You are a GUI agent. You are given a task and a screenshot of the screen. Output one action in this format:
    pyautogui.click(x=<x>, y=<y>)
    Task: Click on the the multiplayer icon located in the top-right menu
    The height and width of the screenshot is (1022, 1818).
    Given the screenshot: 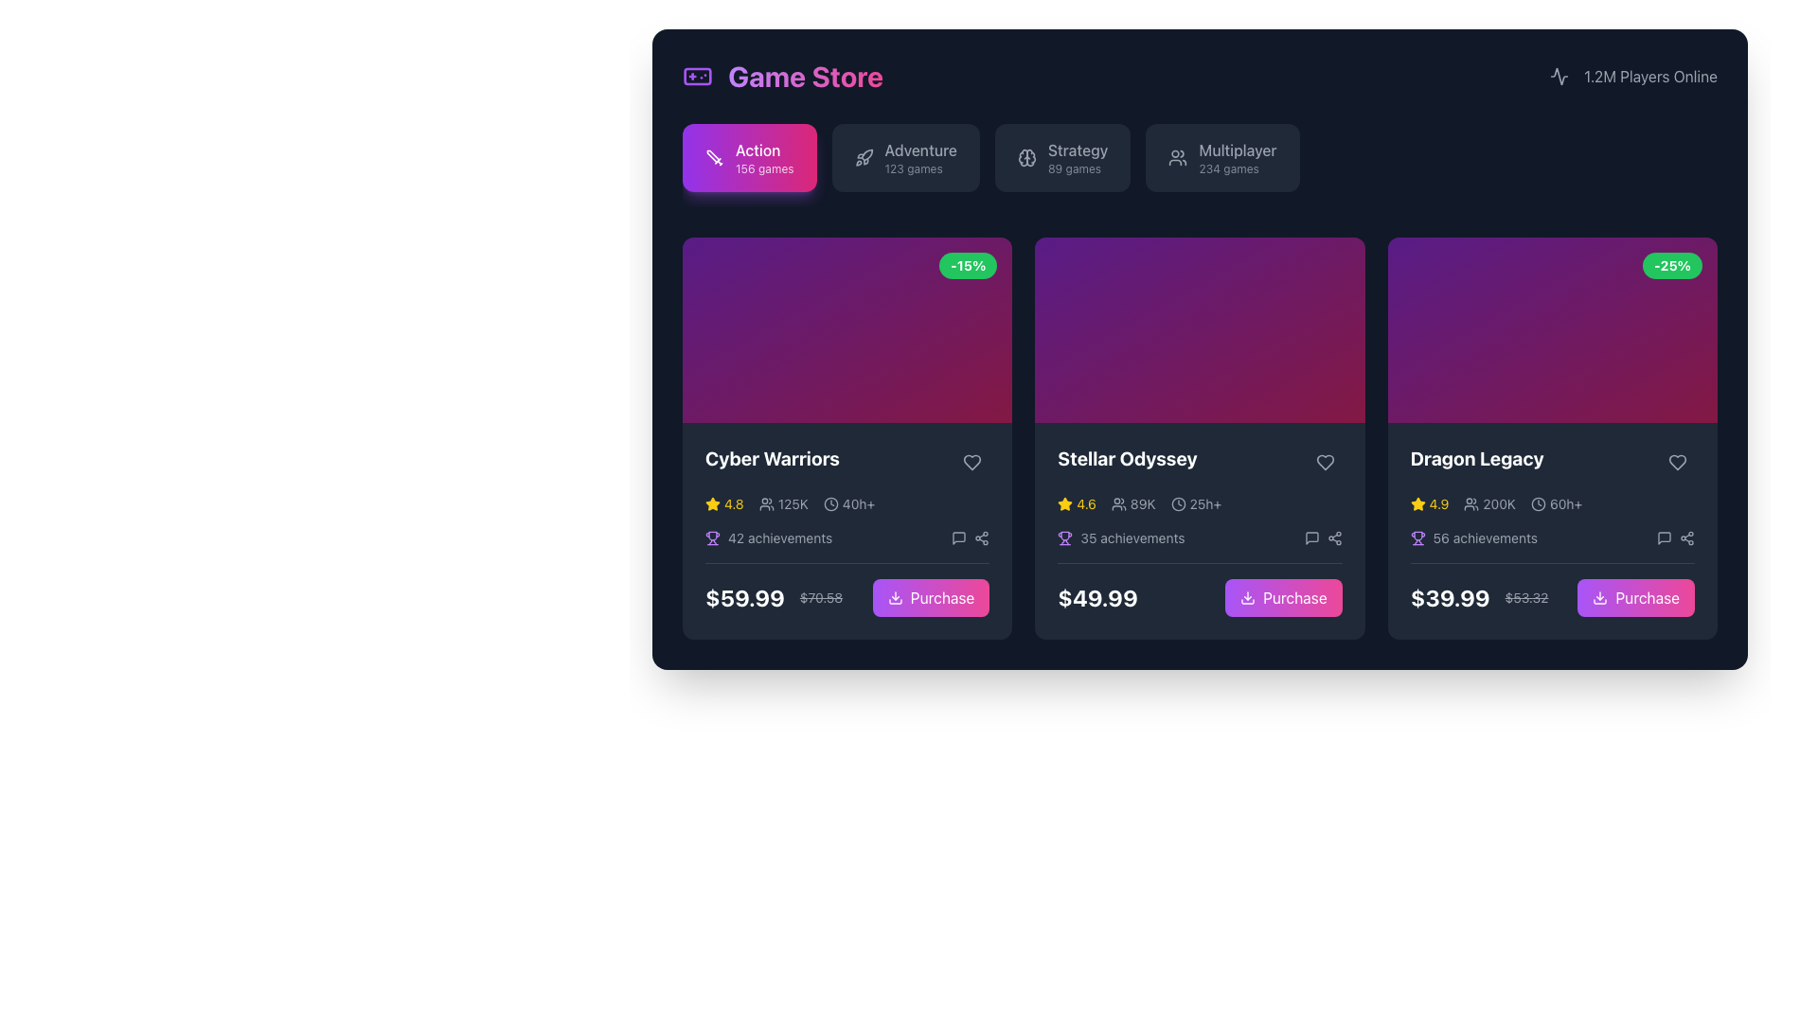 What is the action you would take?
    pyautogui.click(x=1177, y=156)
    